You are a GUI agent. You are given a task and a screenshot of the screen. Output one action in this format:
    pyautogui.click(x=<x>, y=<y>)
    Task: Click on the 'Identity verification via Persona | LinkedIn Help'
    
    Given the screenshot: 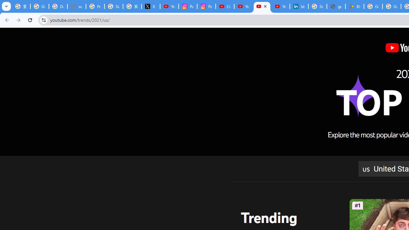 What is the action you would take?
    pyautogui.click(x=299, y=6)
    